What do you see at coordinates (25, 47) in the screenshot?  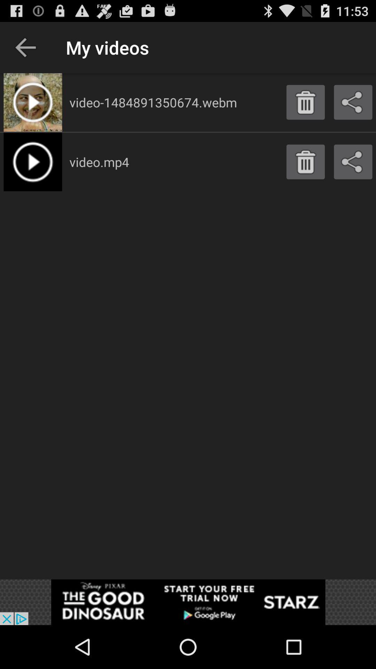 I see `previous` at bounding box center [25, 47].